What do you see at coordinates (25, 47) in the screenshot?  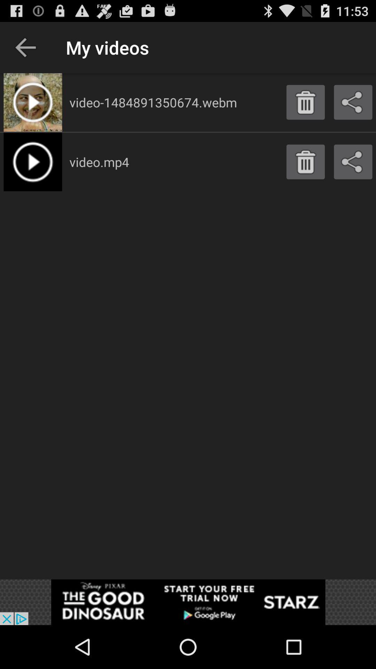 I see `previous` at bounding box center [25, 47].